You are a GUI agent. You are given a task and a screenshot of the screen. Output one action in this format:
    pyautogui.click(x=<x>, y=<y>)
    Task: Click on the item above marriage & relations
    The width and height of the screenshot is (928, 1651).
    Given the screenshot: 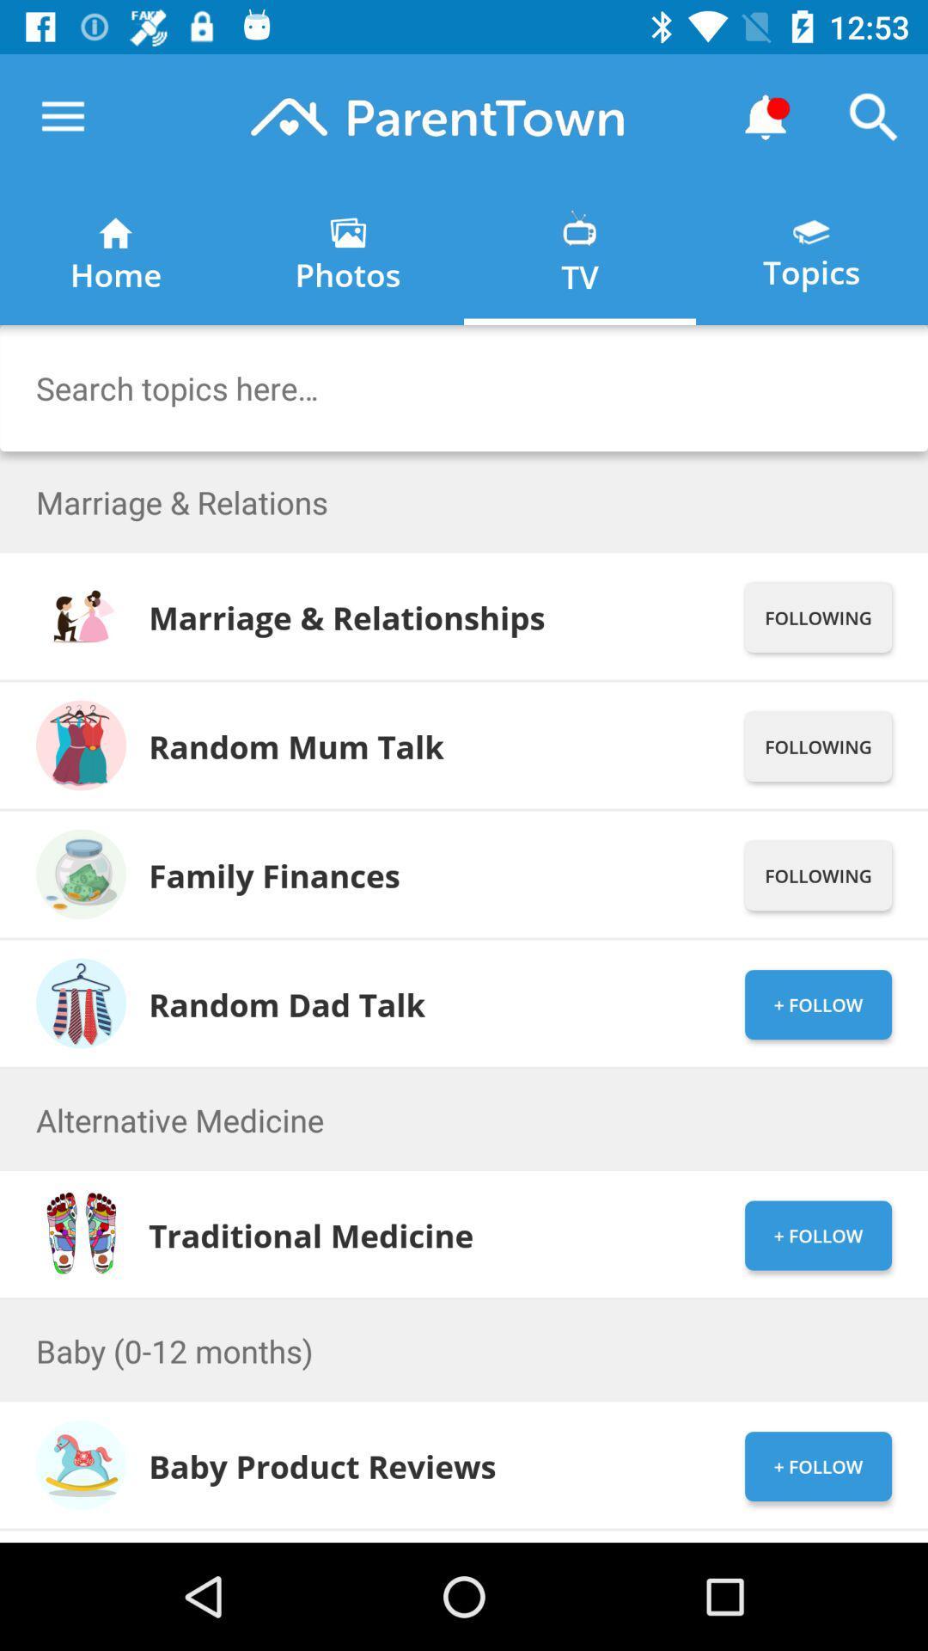 What is the action you would take?
    pyautogui.click(x=464, y=387)
    